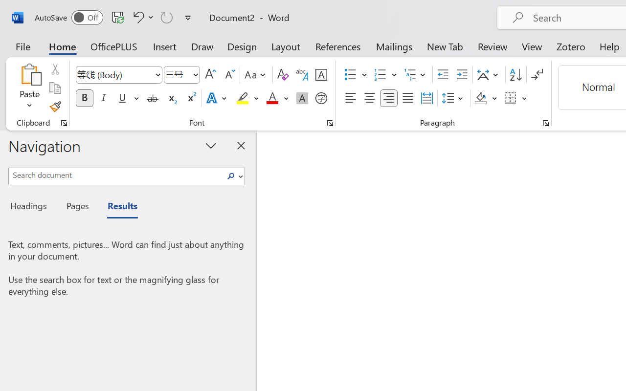 Image resolution: width=626 pixels, height=391 pixels. What do you see at coordinates (243, 98) in the screenshot?
I see `'Text Highlight Color Yellow'` at bounding box center [243, 98].